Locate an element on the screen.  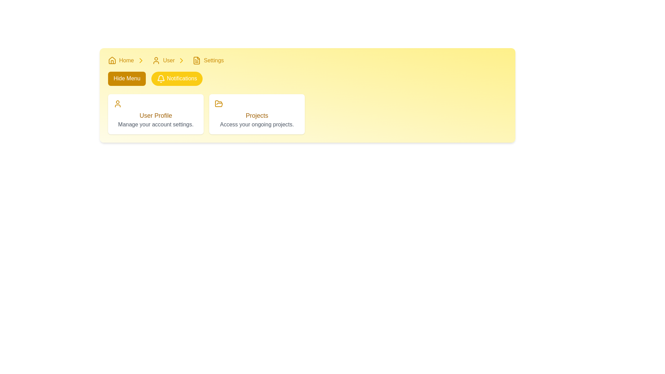
the 'Settings' icon located in the navigation breadcrumb bar, which is positioned to the left of the 'Settings' text and adjacent to other navigation items is located at coordinates (196, 60).